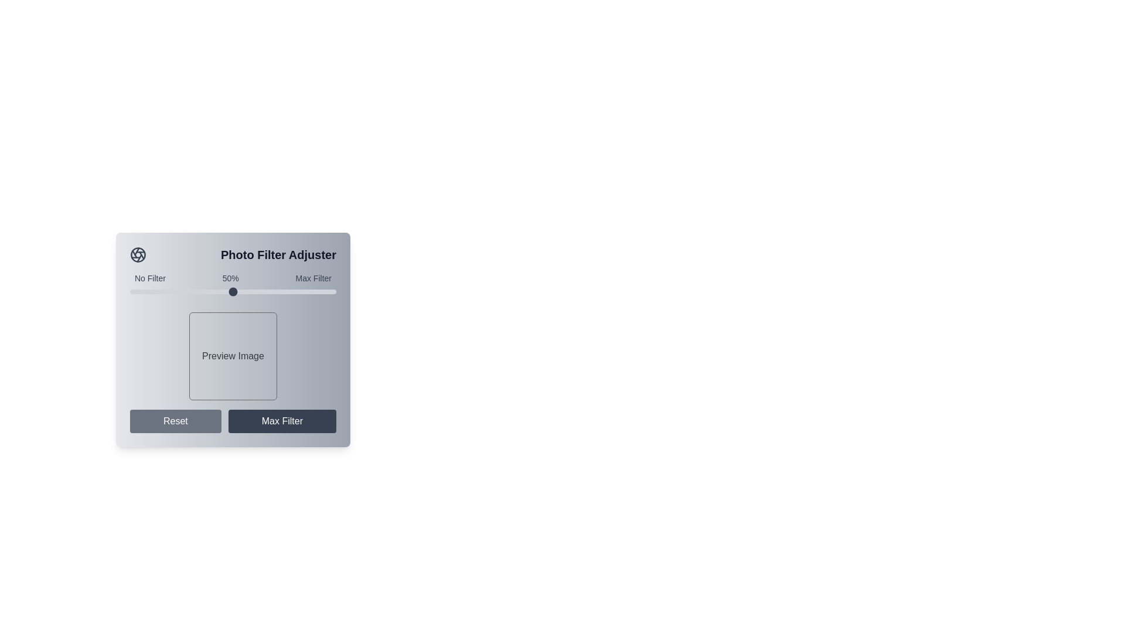 The image size is (1125, 633). Describe the element at coordinates (282, 420) in the screenshot. I see `the 'Max Filter' button, which is a rectangular button with a dark gray background and white text` at that location.